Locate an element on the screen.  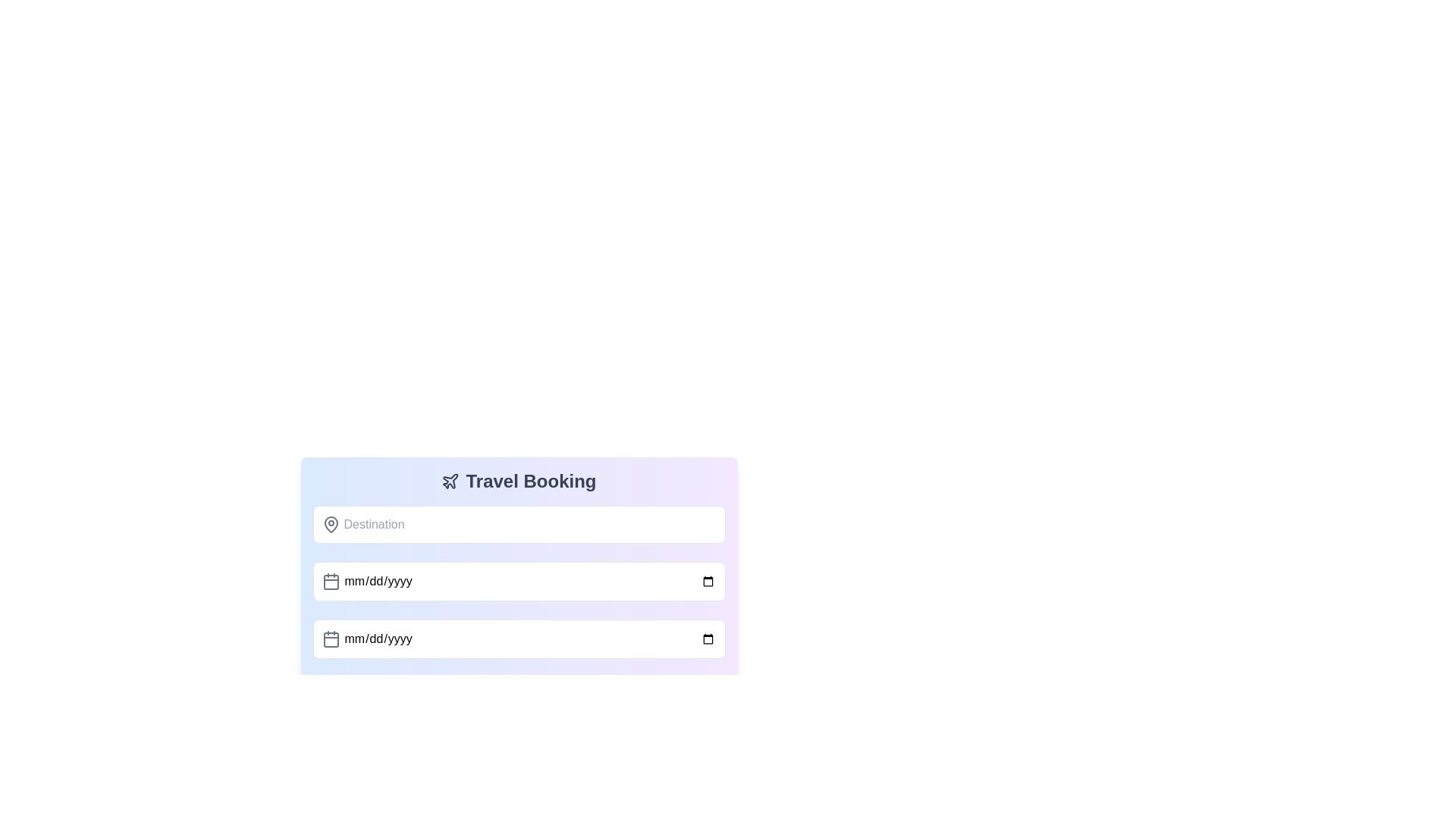
the decorative airplane icon located in the header section of the user interface, which is positioned just to the left of the 'Travel Booking' text is located at coordinates (450, 481).